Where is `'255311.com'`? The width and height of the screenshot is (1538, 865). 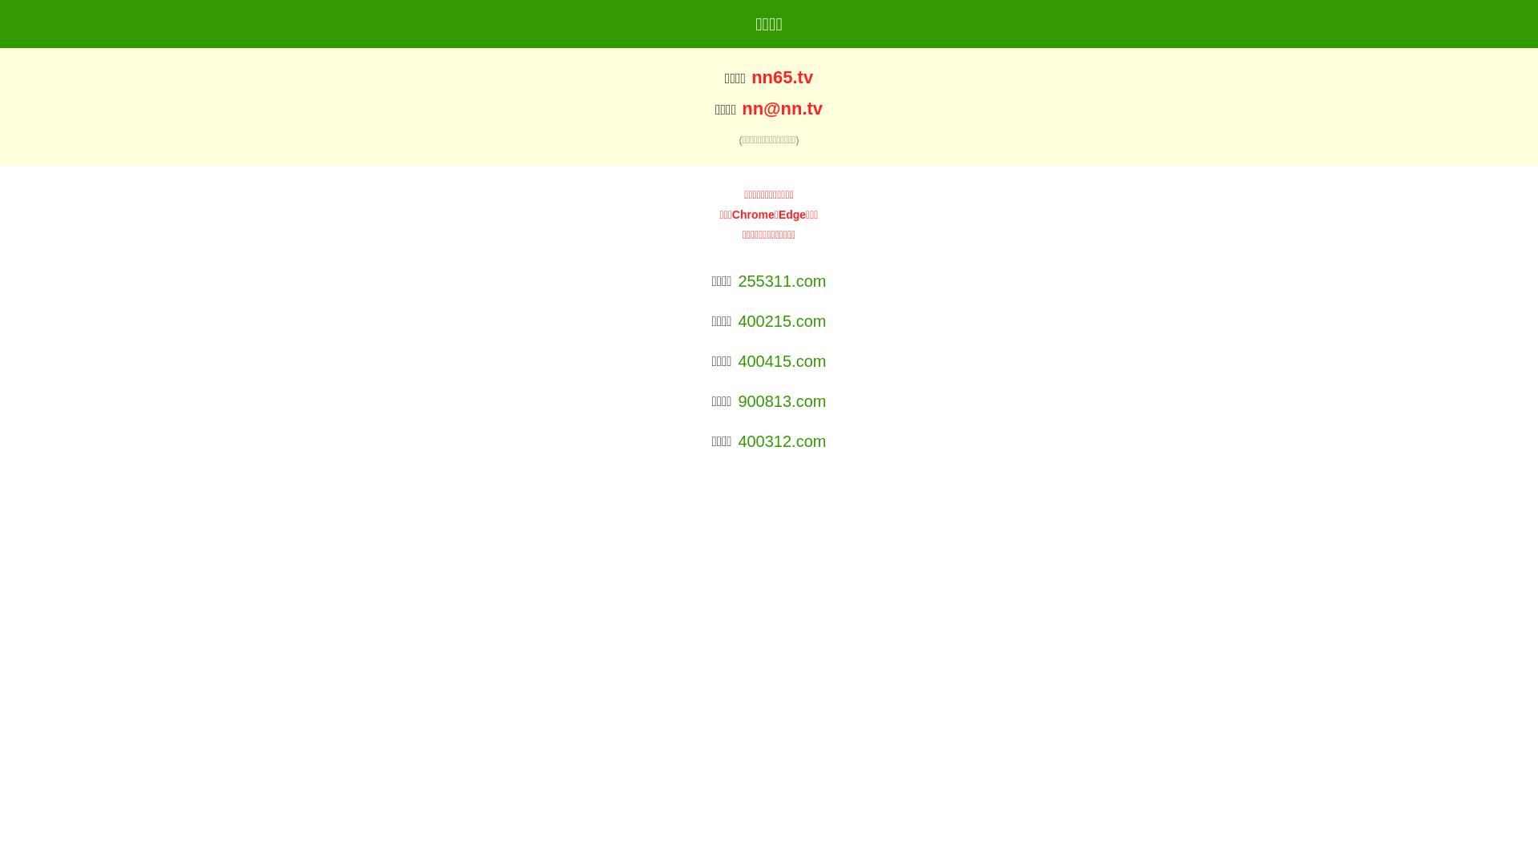
'255311.com' is located at coordinates (781, 280).